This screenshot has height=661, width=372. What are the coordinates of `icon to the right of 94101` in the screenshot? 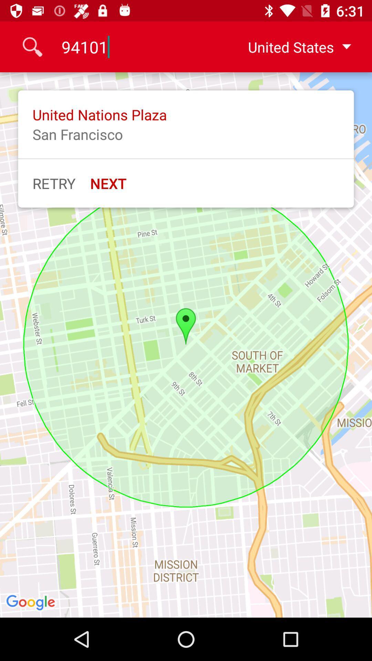 It's located at (294, 46).